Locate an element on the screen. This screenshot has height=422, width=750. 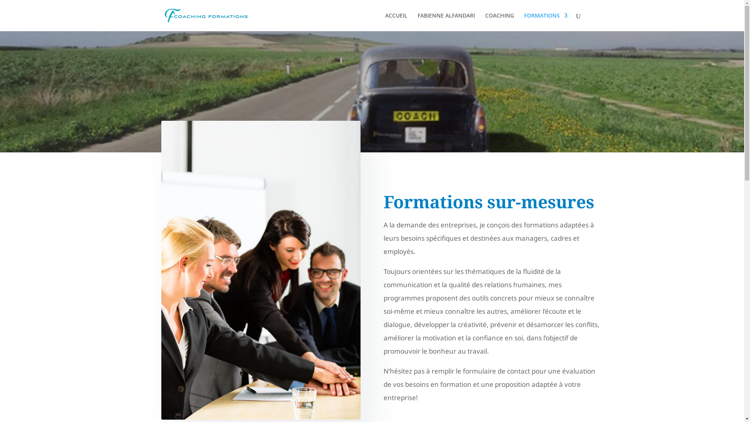
'20757382_s' is located at coordinates (261, 270).